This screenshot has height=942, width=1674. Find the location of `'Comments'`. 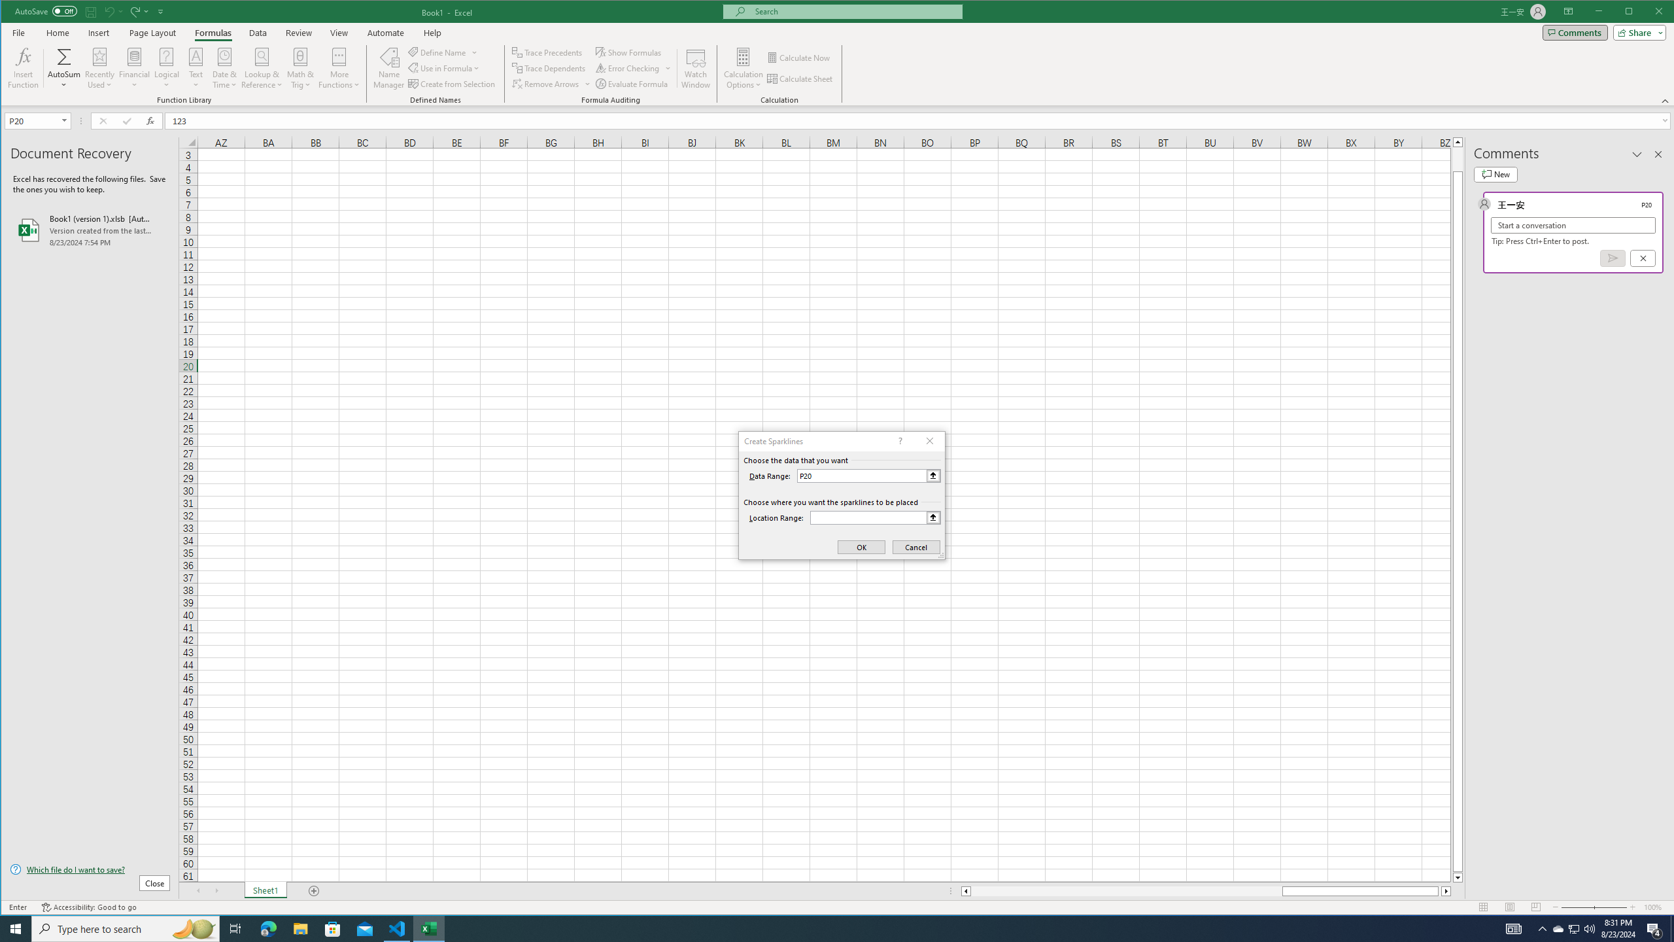

'Comments' is located at coordinates (1575, 32).